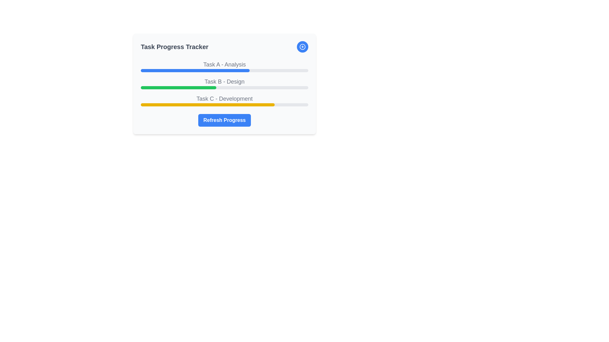 The width and height of the screenshot is (609, 342). What do you see at coordinates (302, 46) in the screenshot?
I see `the circular icon button with a plus symbol in its center, located in the top-right corner of the 'Task Progress Tracker' card` at bounding box center [302, 46].